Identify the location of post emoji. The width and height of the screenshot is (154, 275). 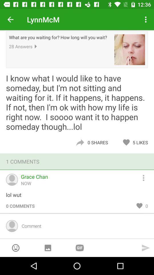
(16, 247).